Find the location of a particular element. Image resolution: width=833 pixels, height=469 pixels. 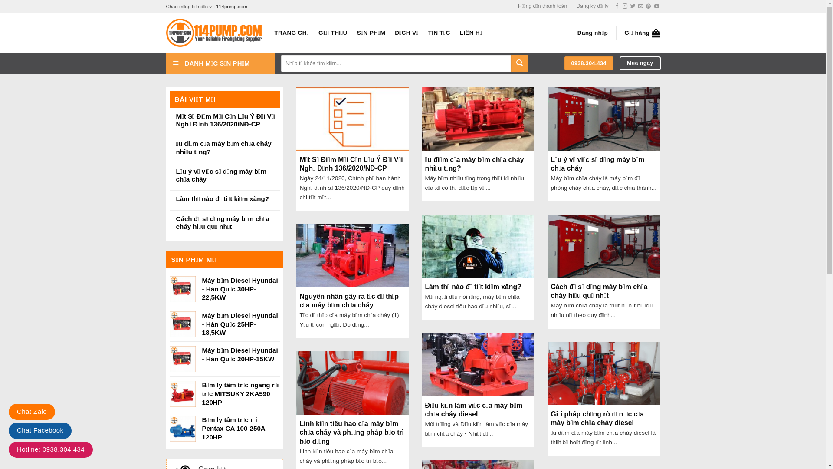

'Chat Facebook' is located at coordinates (39, 430).